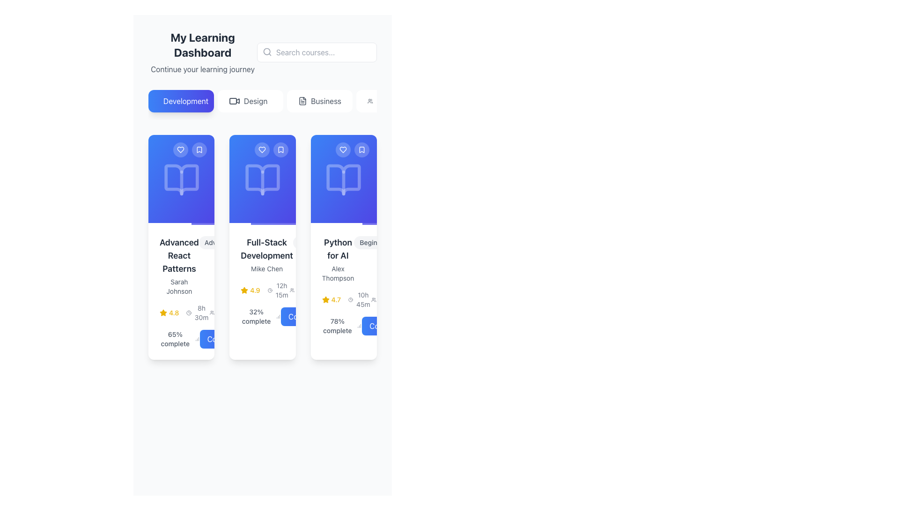 The image size is (899, 506). Describe the element at coordinates (266, 249) in the screenshot. I see `title text located in the second card of a three-card horizontal layout, positioned above the text 'Mike Chen' and below the icon at the top of the card` at that location.